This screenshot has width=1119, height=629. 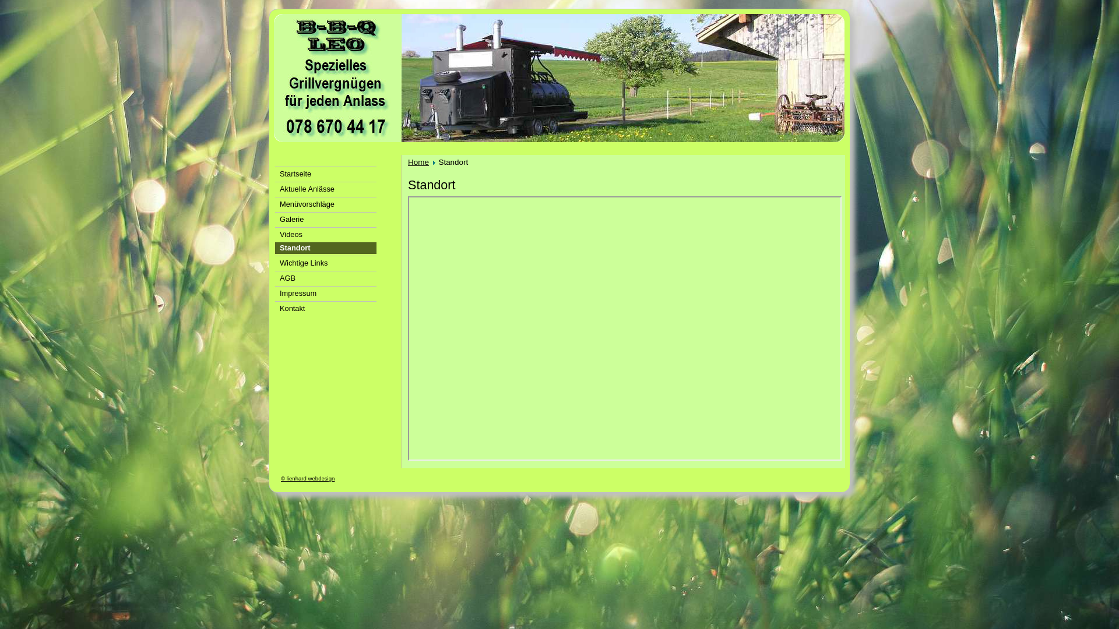 I want to click on 'Kontakt', so click(x=325, y=307).